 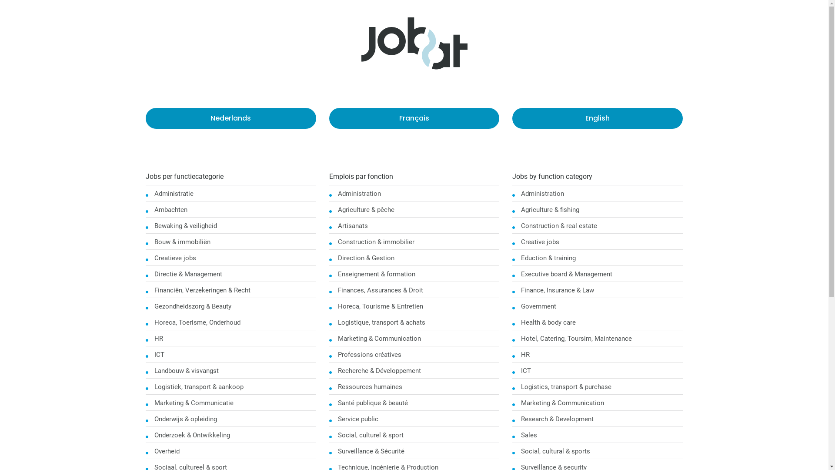 What do you see at coordinates (231, 118) in the screenshot?
I see `'Nederlands'` at bounding box center [231, 118].